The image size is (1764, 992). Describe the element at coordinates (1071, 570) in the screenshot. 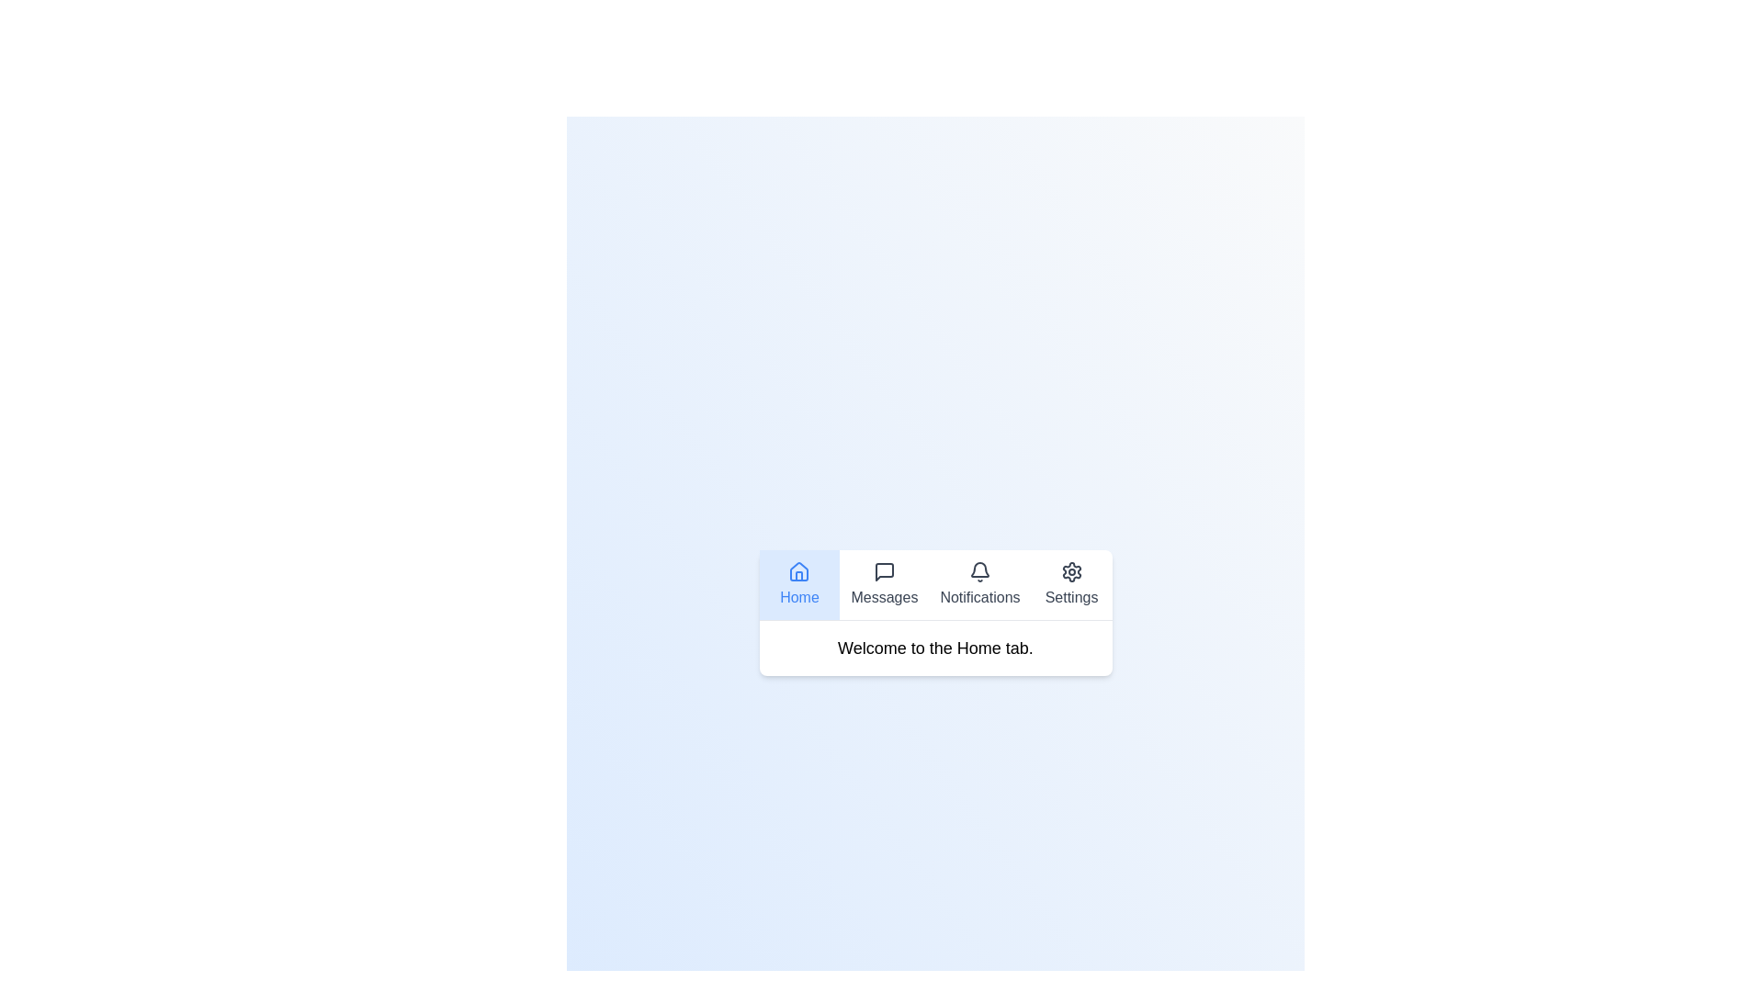

I see `the gear-like component of the settings icon located at the rightmost position in the horizontal menu bar at the bottom of the interface` at that location.